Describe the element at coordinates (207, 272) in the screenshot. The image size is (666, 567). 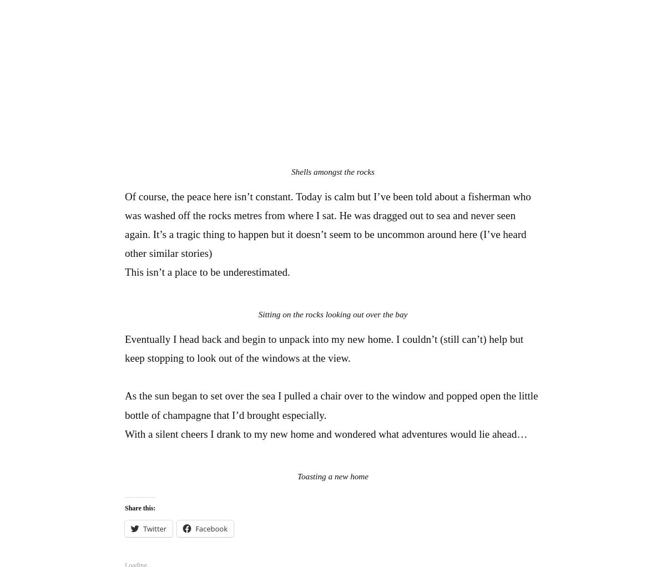
I see `'This isn’t a place to be underestimated.'` at that location.